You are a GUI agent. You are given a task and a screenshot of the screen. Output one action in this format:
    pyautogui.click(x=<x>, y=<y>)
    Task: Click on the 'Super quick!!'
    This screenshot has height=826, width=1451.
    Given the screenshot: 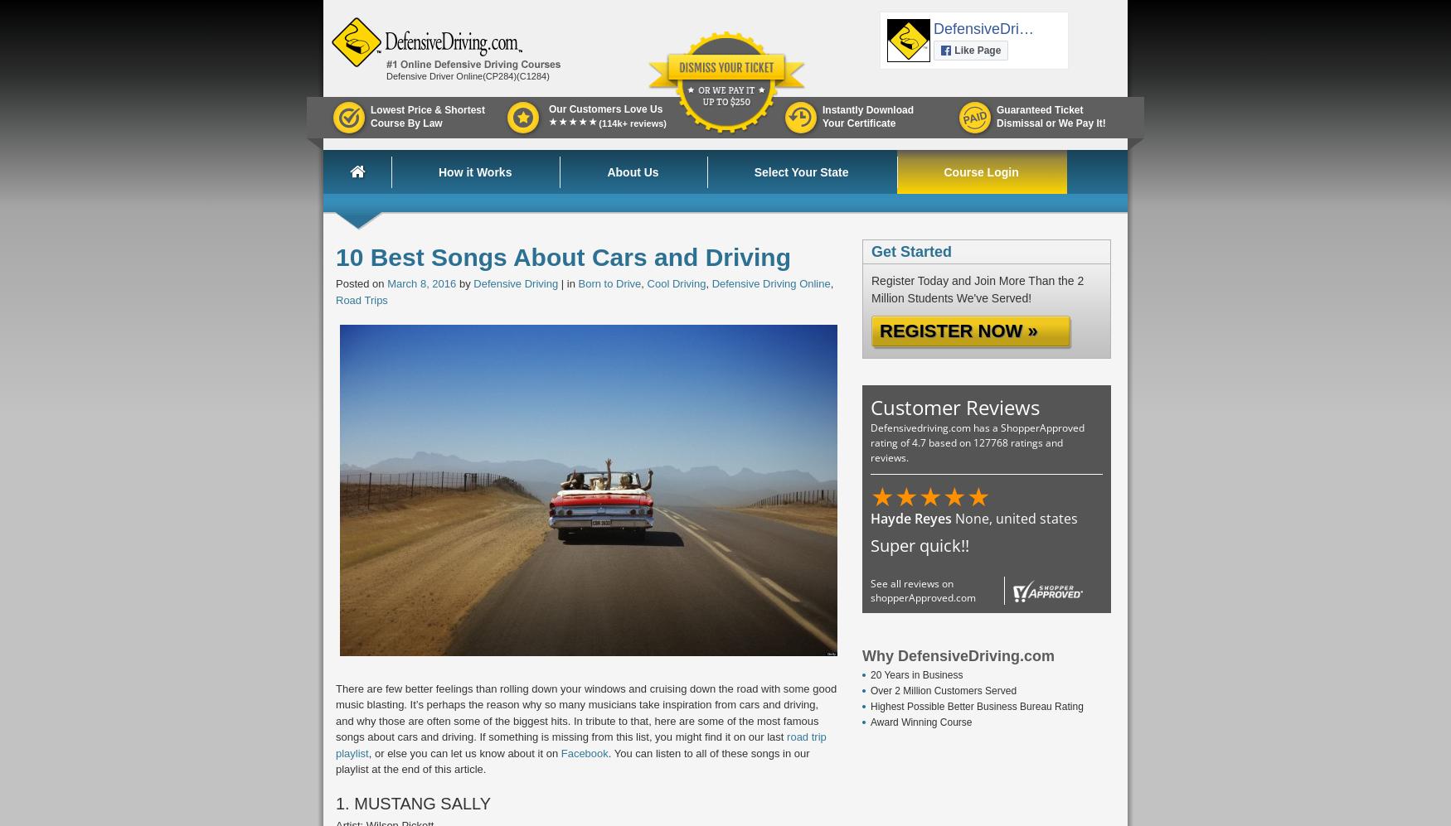 What is the action you would take?
    pyautogui.click(x=920, y=545)
    